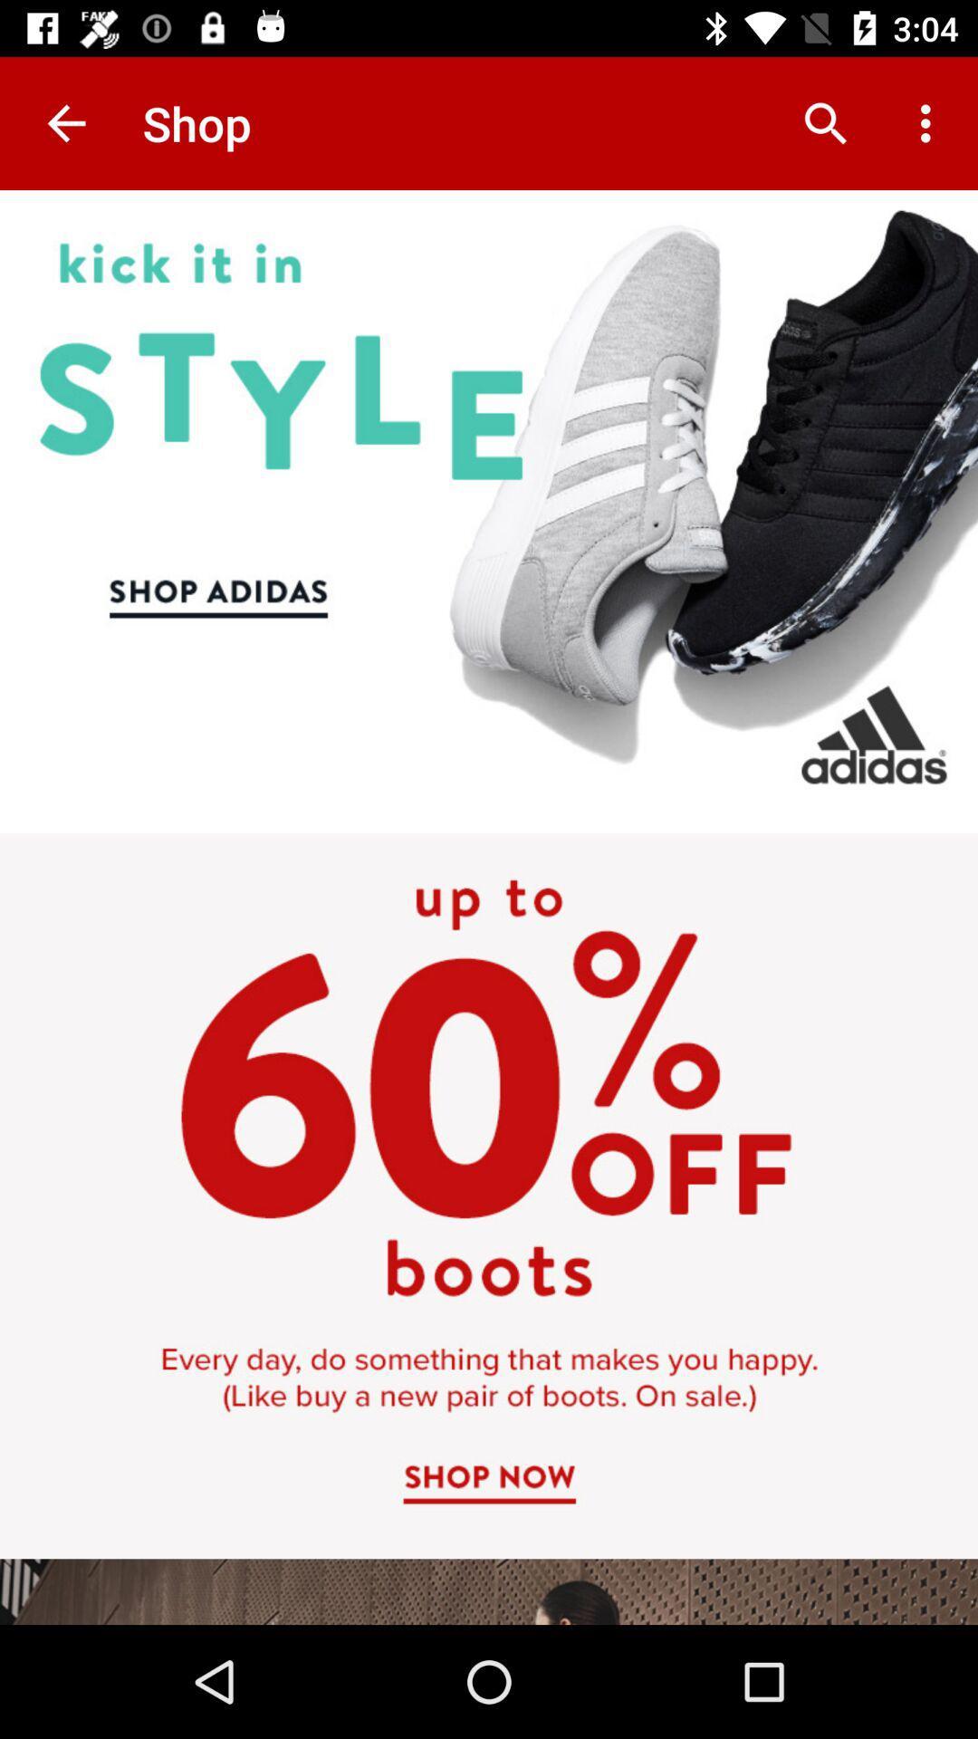 This screenshot has width=978, height=1739. Describe the element at coordinates (489, 908) in the screenshot. I see `shopping image page` at that location.